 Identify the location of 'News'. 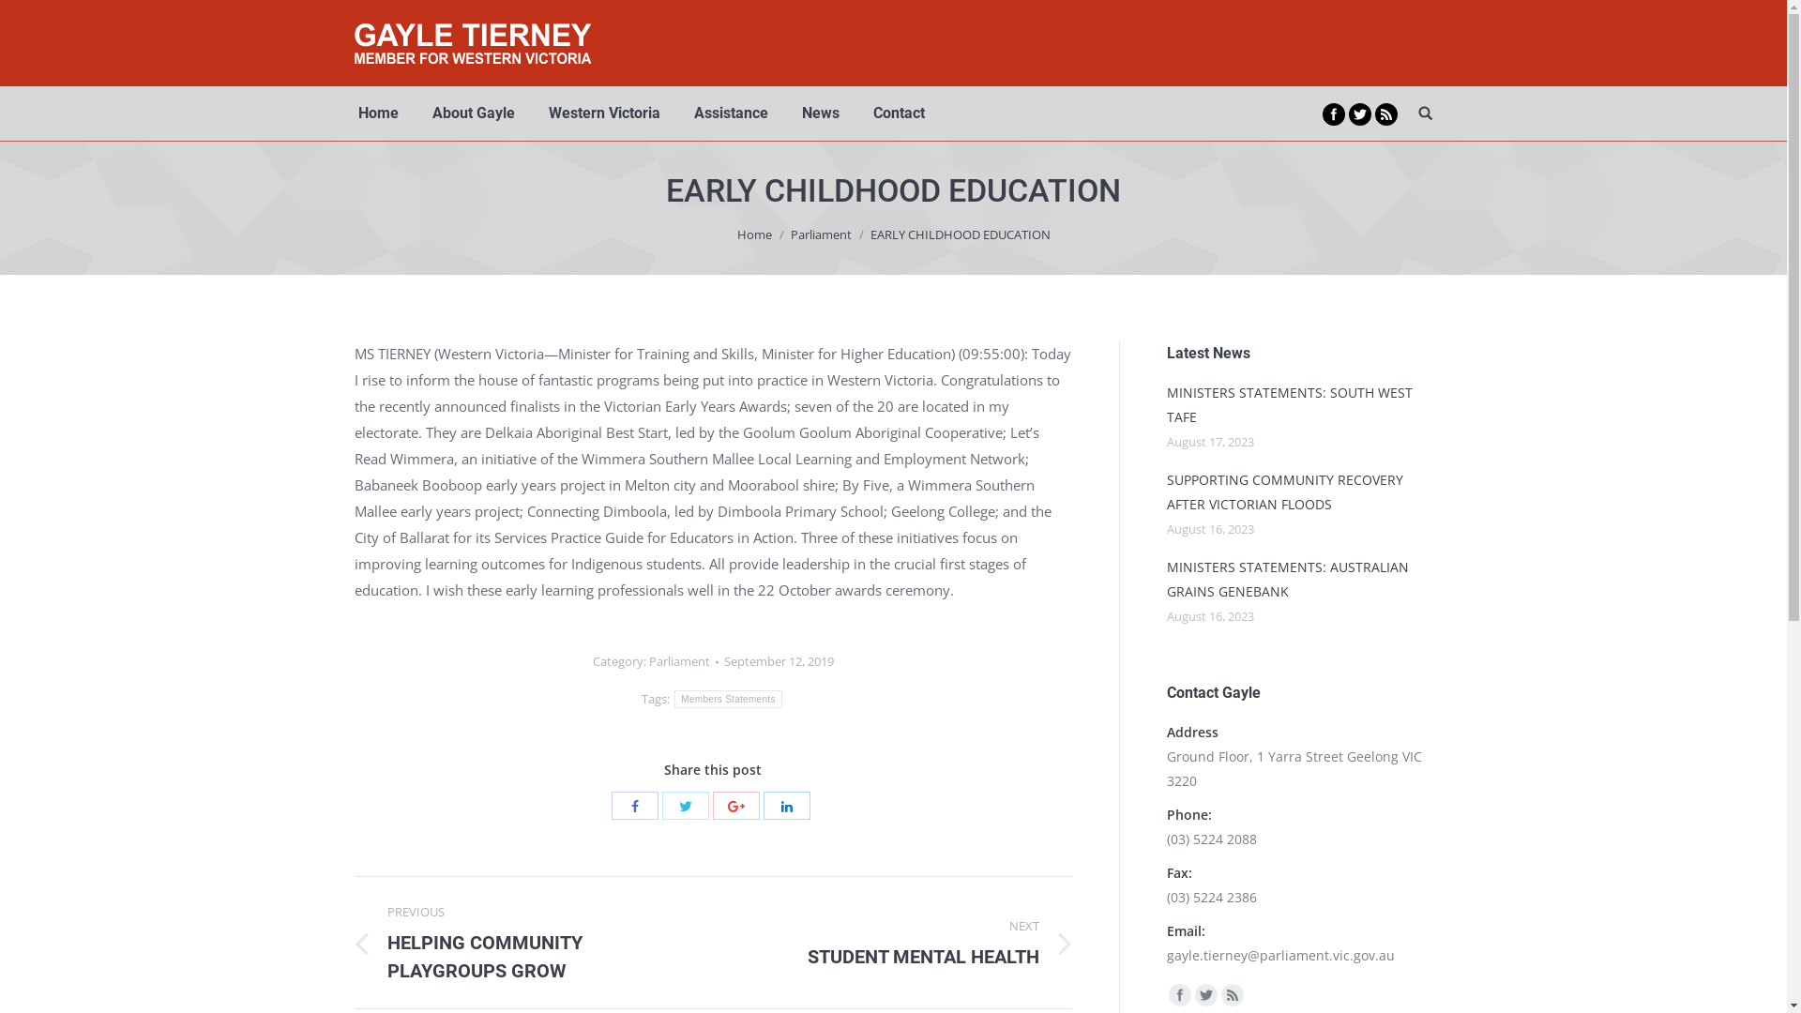
(819, 113).